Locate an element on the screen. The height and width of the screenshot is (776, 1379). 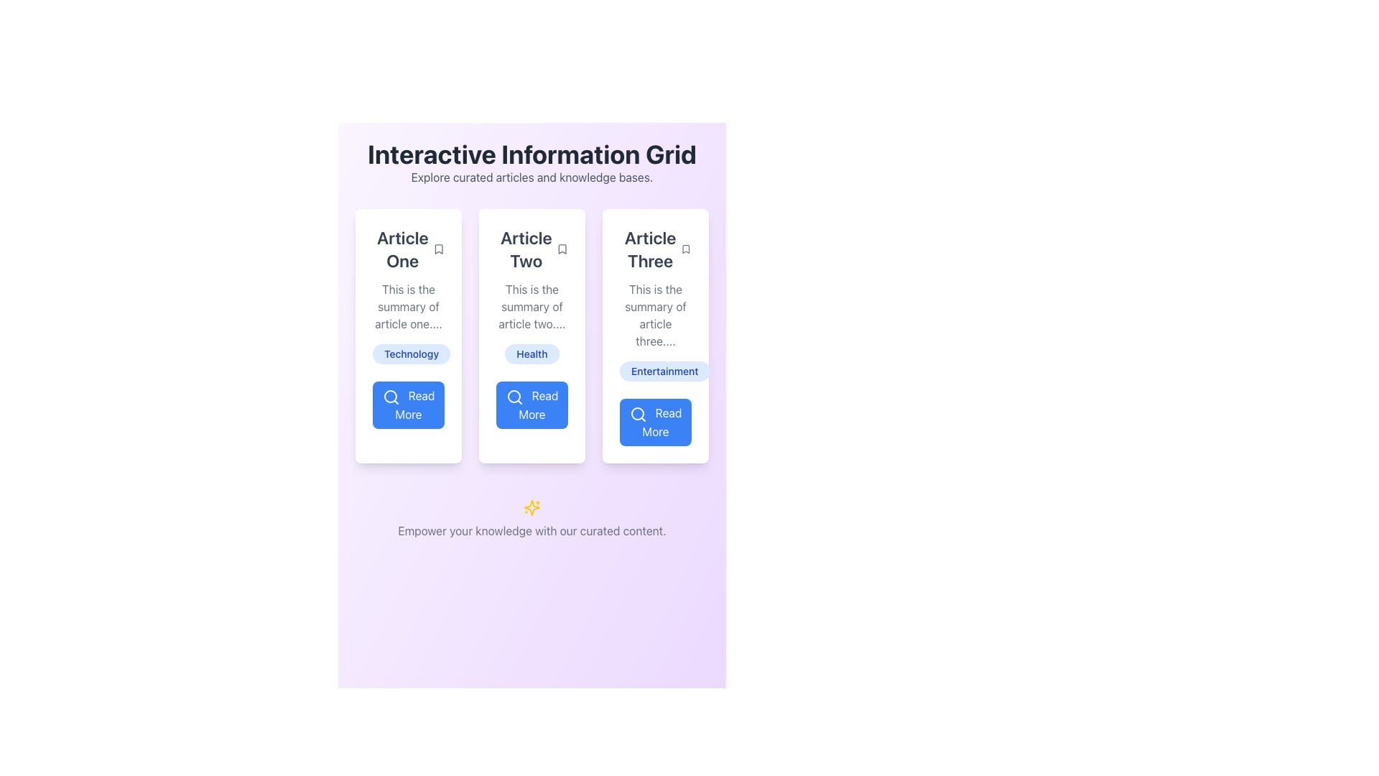
the button located beneath the 'Article Two' section and directly below the 'Health' tag to change its appearance is located at coordinates (531, 405).